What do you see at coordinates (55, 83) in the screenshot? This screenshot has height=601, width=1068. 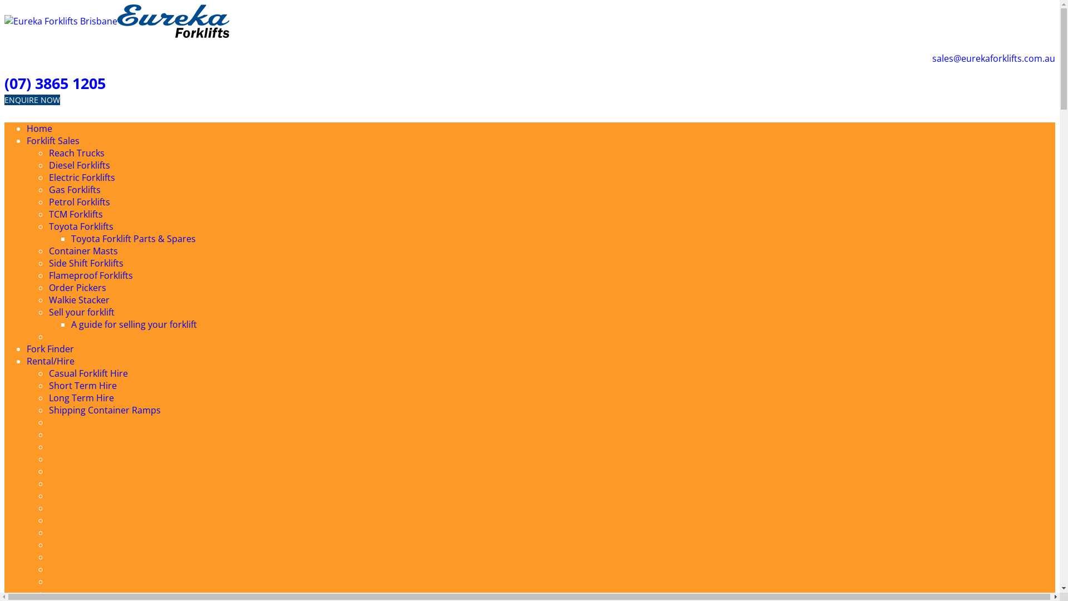 I see `'(07) 3865 1205'` at bounding box center [55, 83].